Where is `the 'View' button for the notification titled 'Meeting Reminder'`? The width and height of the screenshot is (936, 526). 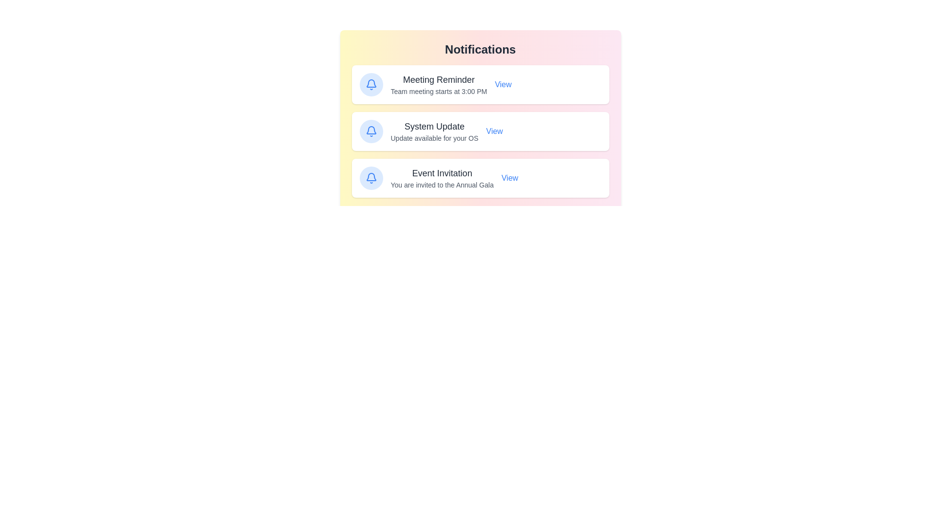
the 'View' button for the notification titled 'Meeting Reminder' is located at coordinates (503, 84).